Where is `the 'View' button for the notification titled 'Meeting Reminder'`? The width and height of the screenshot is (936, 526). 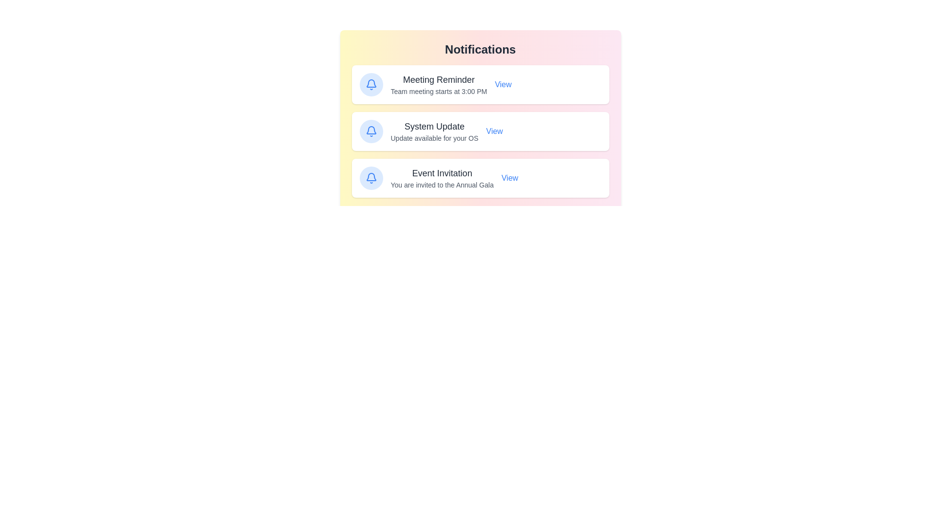
the 'View' button for the notification titled 'Meeting Reminder' is located at coordinates (503, 84).